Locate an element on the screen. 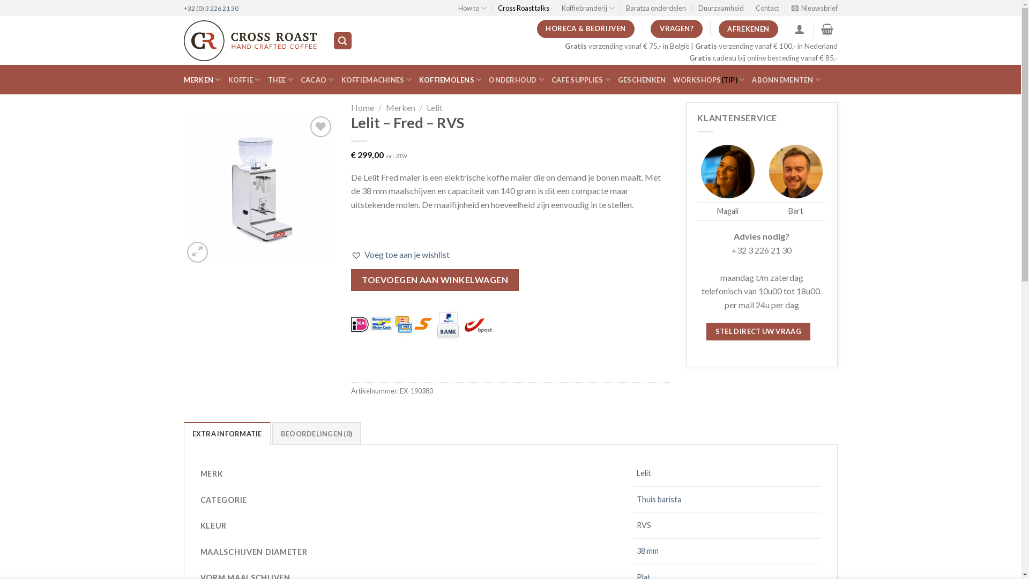  'Koffiebranderij' is located at coordinates (587, 8).